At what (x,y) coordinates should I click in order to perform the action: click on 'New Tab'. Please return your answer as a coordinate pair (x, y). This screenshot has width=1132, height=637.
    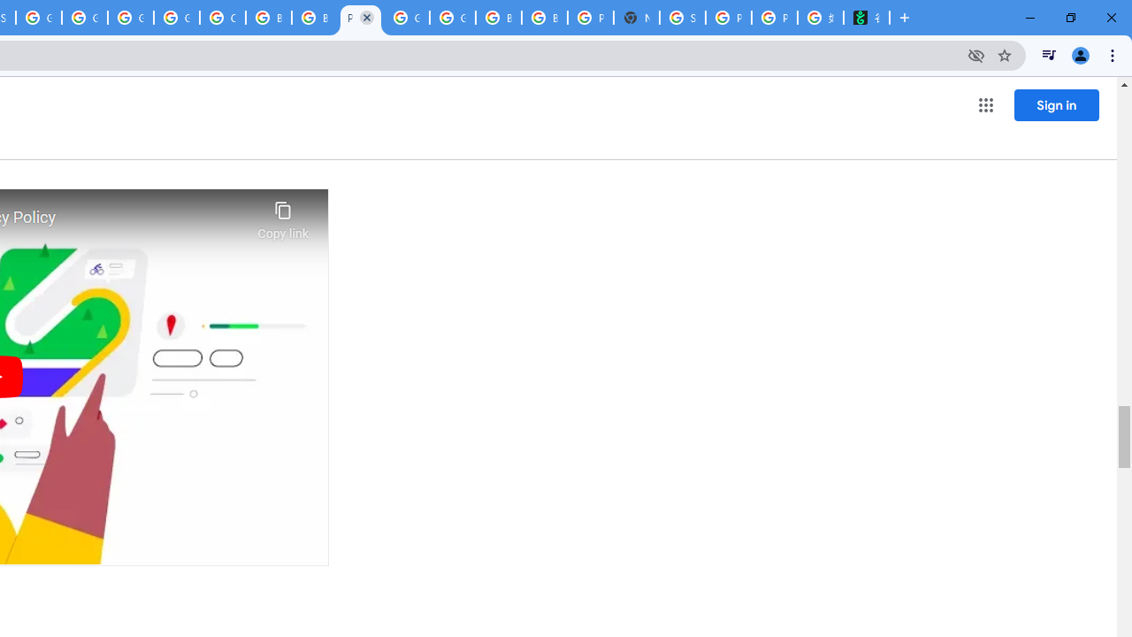
    Looking at the image, I should click on (637, 18).